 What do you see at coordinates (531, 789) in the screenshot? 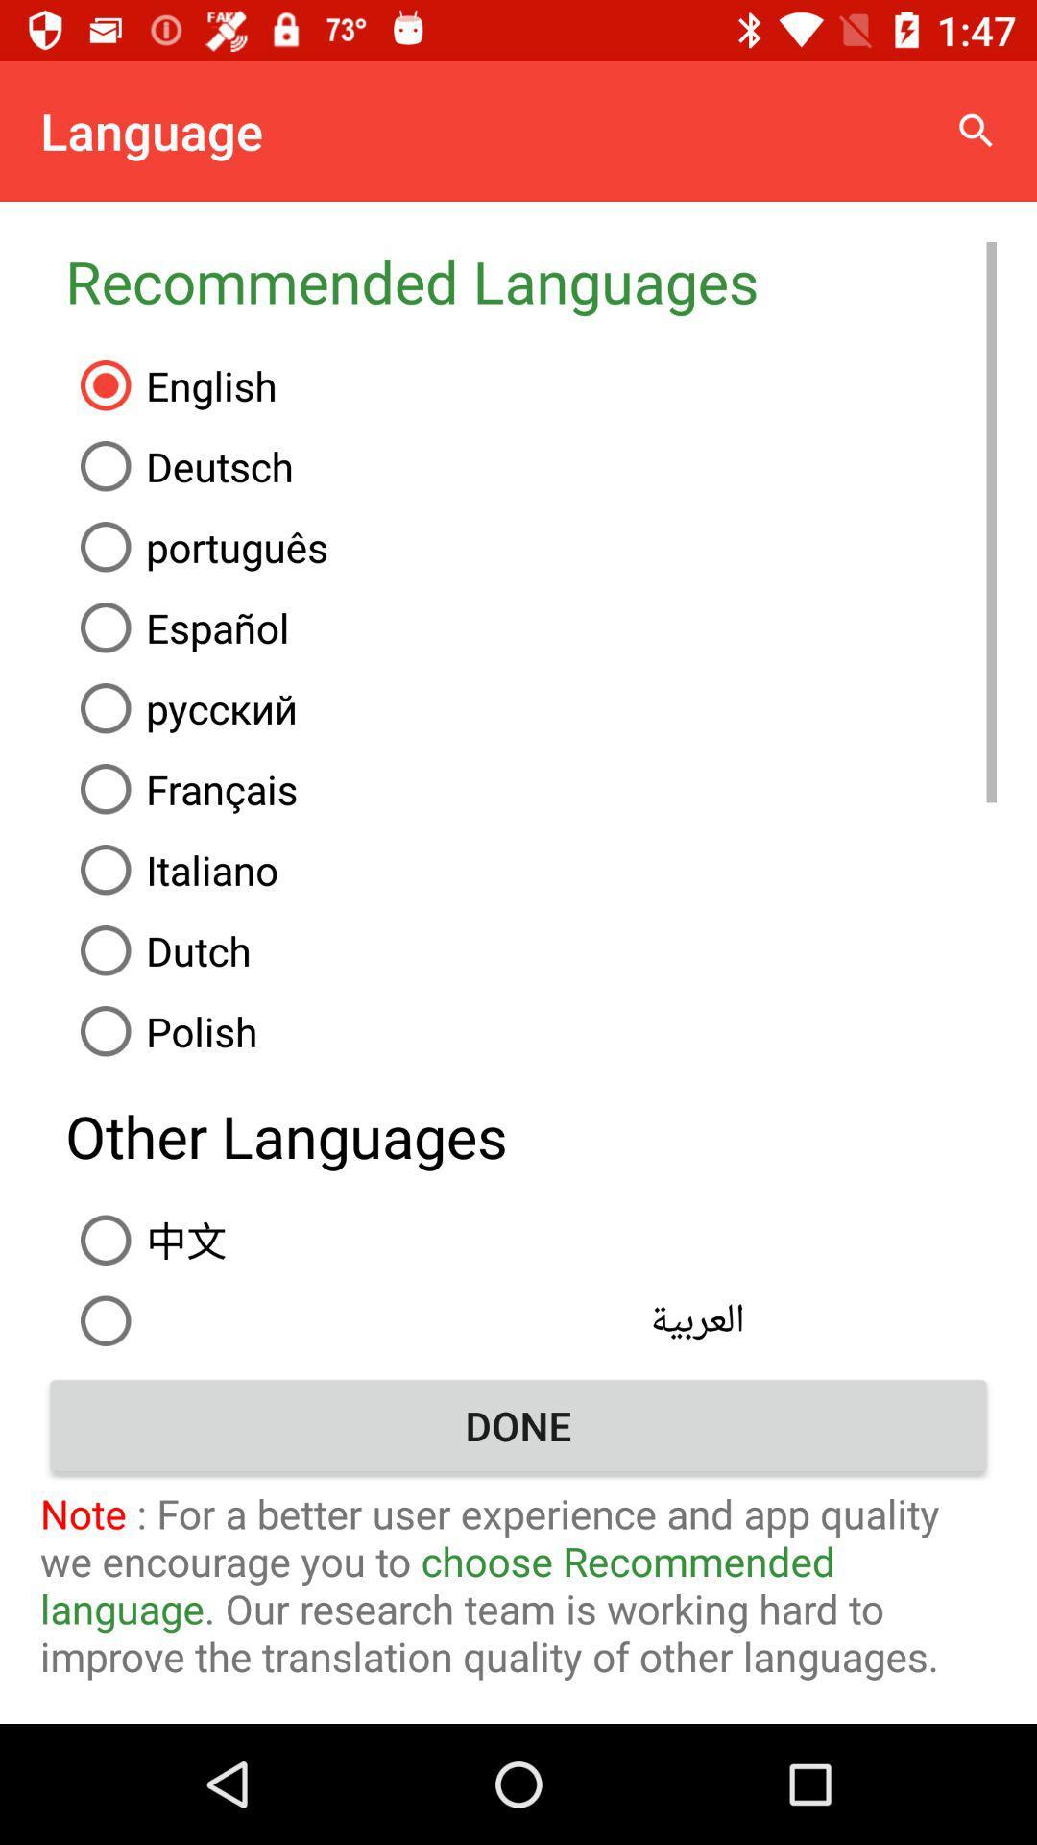
I see `the item above the italiano item` at bounding box center [531, 789].